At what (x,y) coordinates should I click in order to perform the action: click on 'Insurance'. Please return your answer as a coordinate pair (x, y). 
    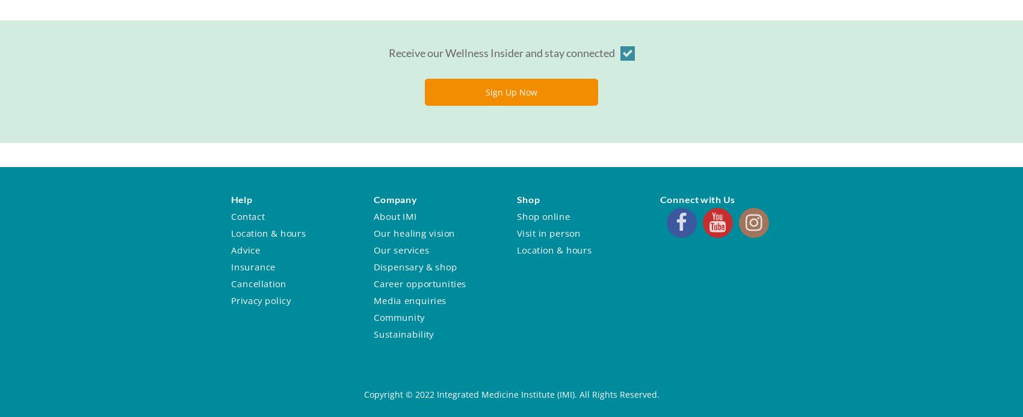
    Looking at the image, I should click on (230, 266).